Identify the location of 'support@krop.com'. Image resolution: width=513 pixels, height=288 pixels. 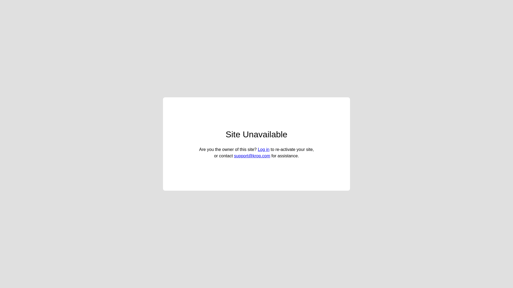
(252, 156).